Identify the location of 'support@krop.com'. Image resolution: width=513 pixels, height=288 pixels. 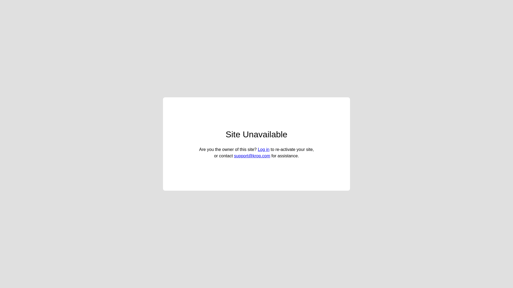
(252, 156).